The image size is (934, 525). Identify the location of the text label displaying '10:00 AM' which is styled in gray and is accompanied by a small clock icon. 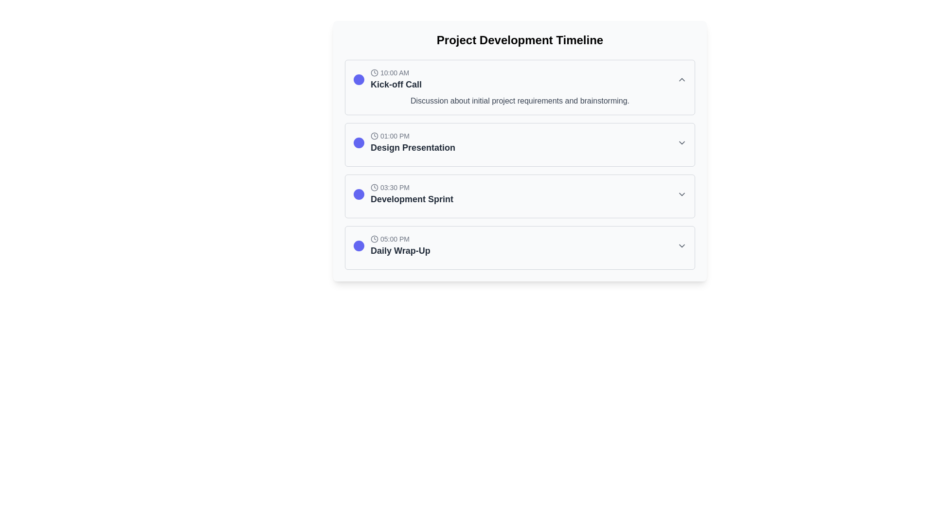
(396, 72).